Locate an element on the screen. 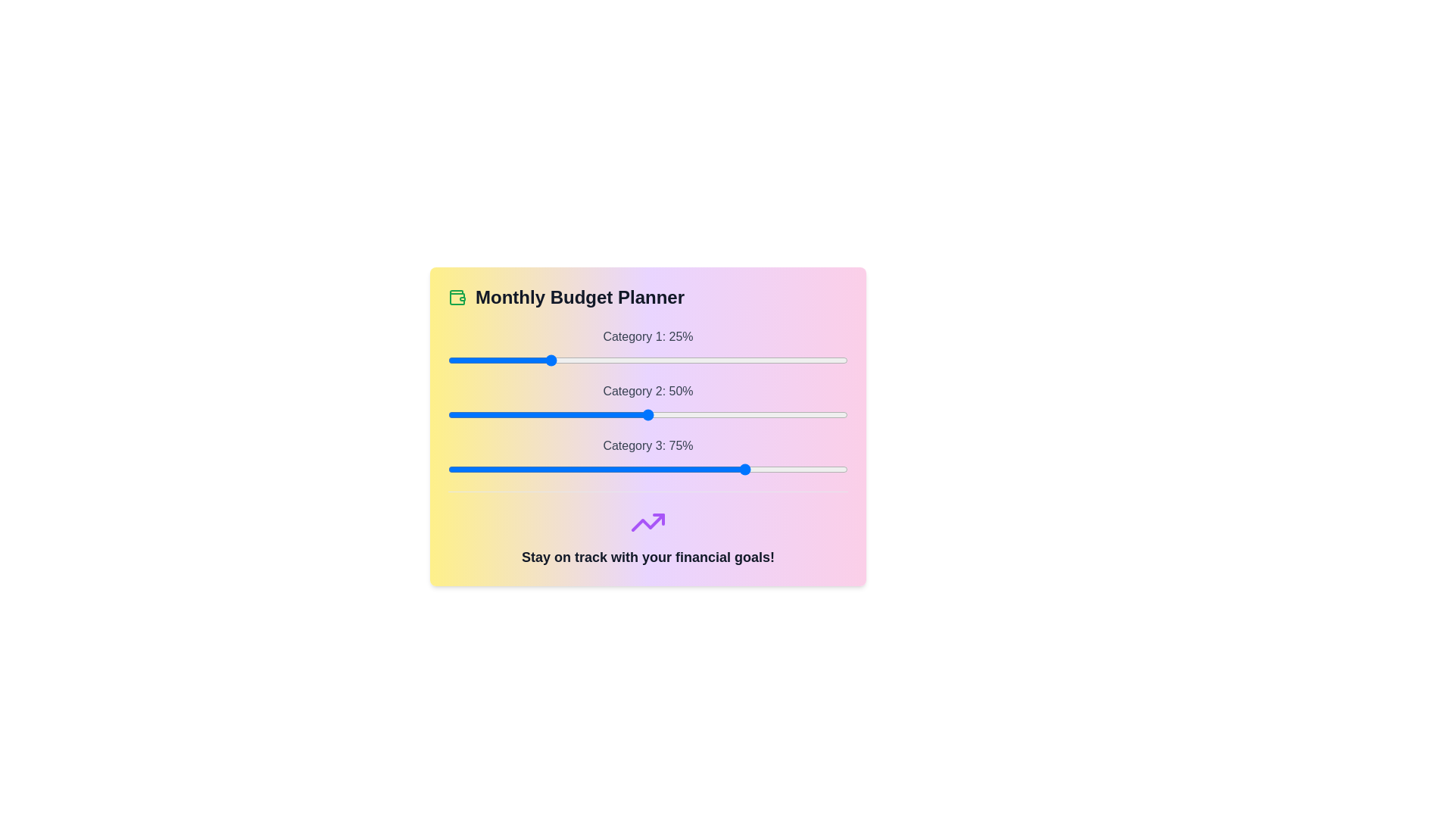 The image size is (1454, 818). the slider for Category 2 to 98% is located at coordinates (839, 414).